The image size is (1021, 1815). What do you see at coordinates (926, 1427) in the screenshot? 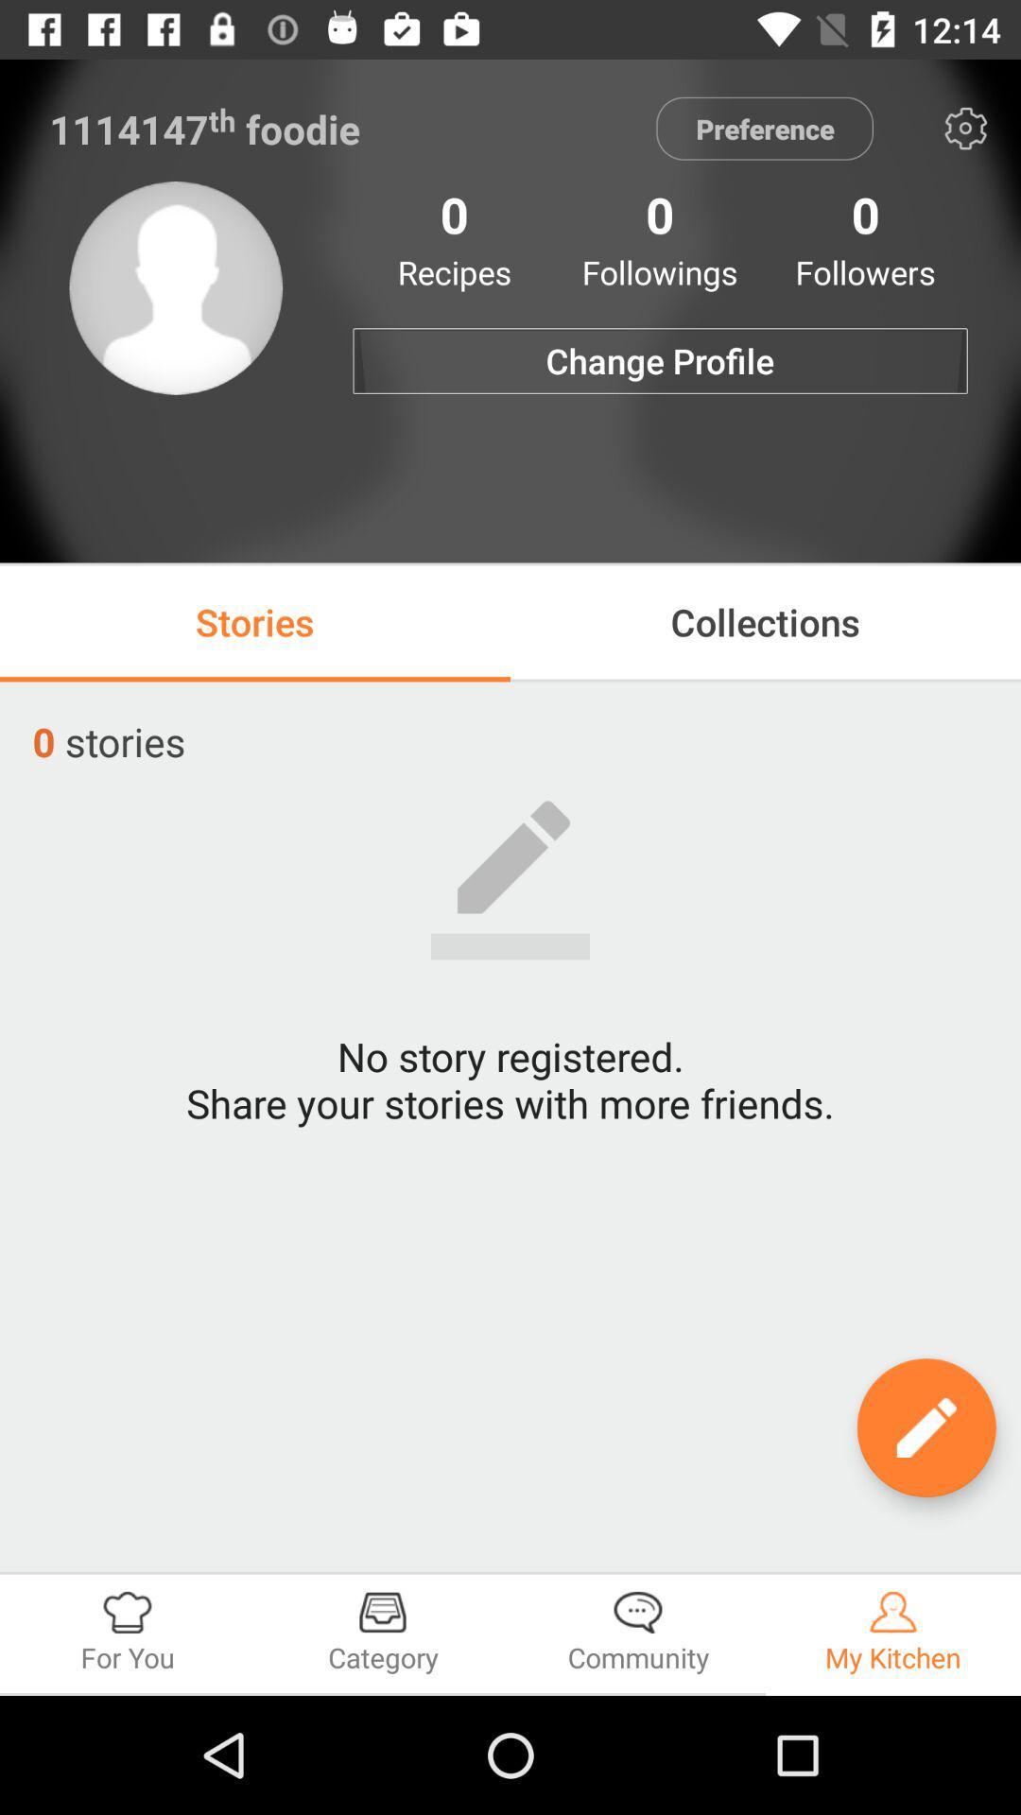
I see `the edit icon` at bounding box center [926, 1427].